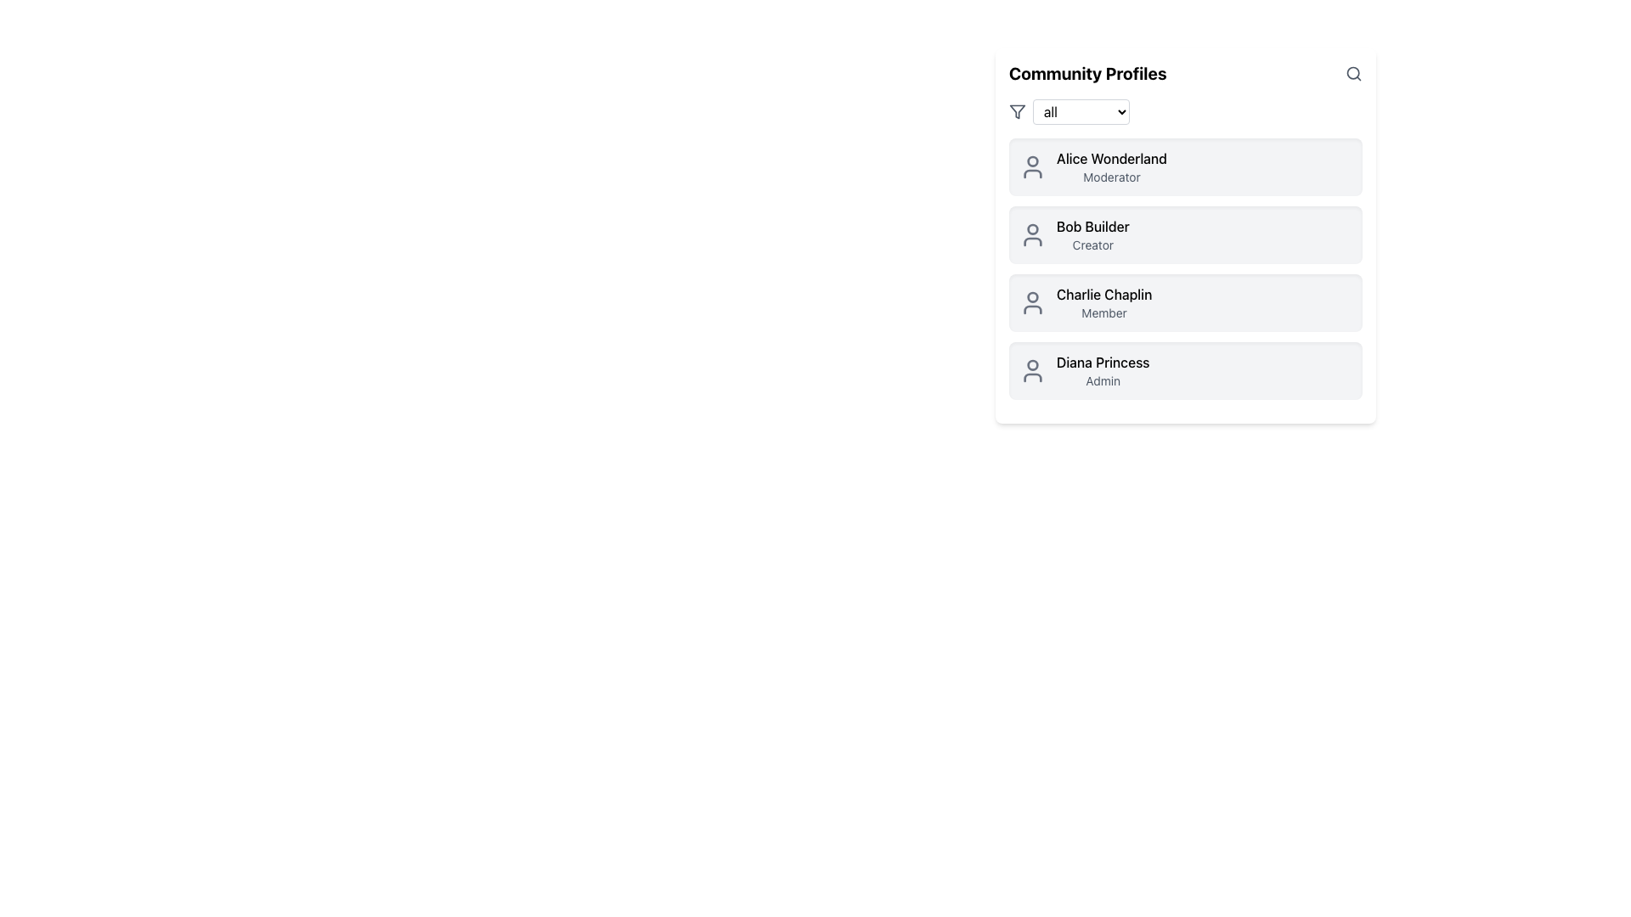 The height and width of the screenshot is (917, 1631). I want to click on the Text Label that serves as a heading for the community profile section, located at the top-left corner of the content section, so click(1087, 73).